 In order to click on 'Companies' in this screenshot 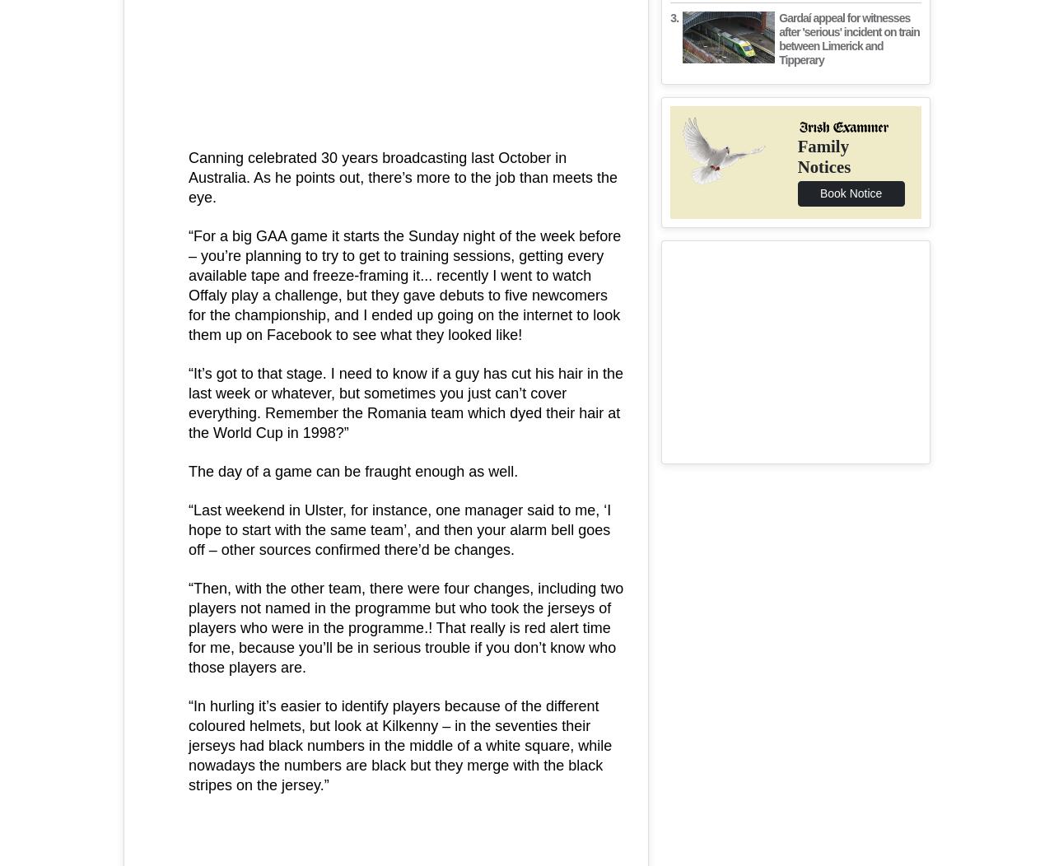, I will do `click(452, 317)`.